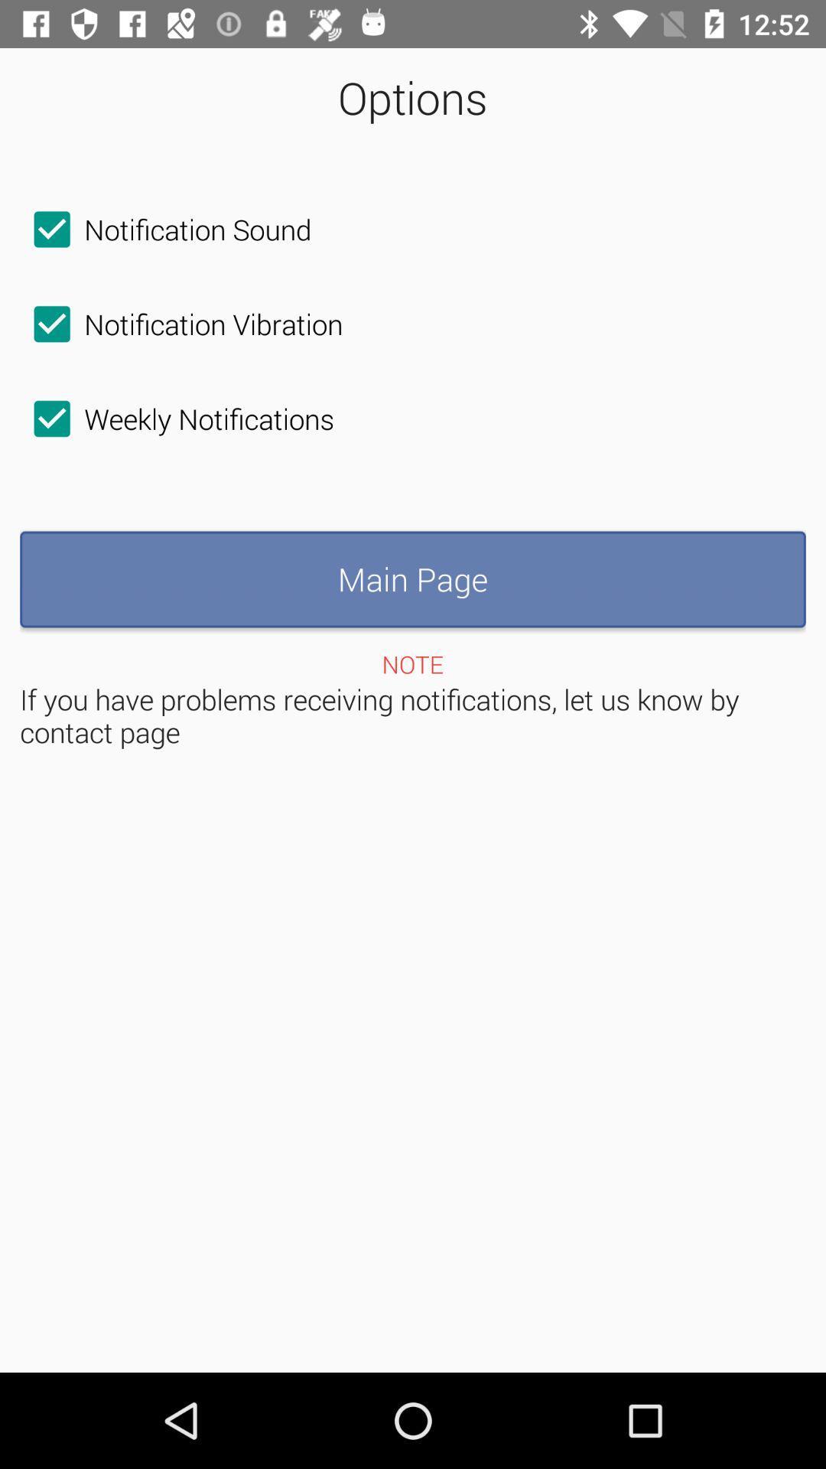 The image size is (826, 1469). What do you see at coordinates (180, 323) in the screenshot?
I see `the checkbox below the notification sound item` at bounding box center [180, 323].